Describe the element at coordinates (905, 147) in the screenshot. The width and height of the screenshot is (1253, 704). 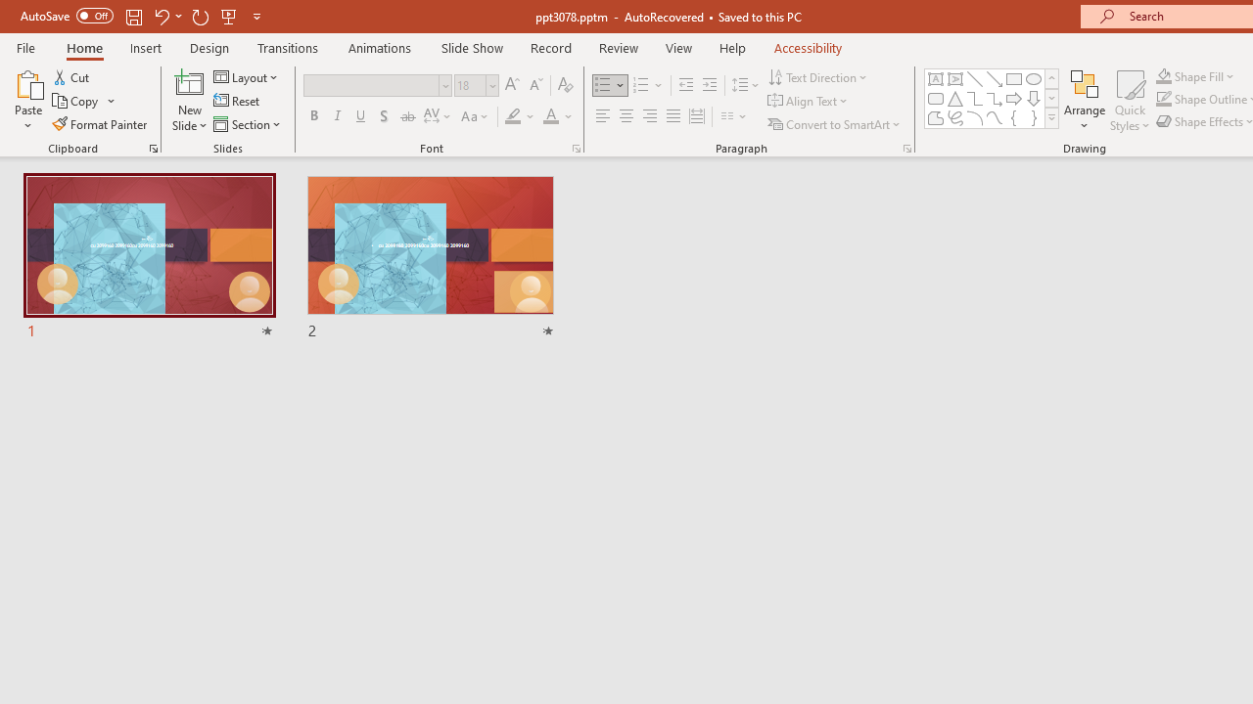
I see `'Paragraph...'` at that location.